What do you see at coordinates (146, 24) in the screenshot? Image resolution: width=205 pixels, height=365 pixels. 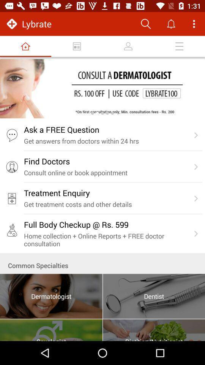 I see `search button` at bounding box center [146, 24].